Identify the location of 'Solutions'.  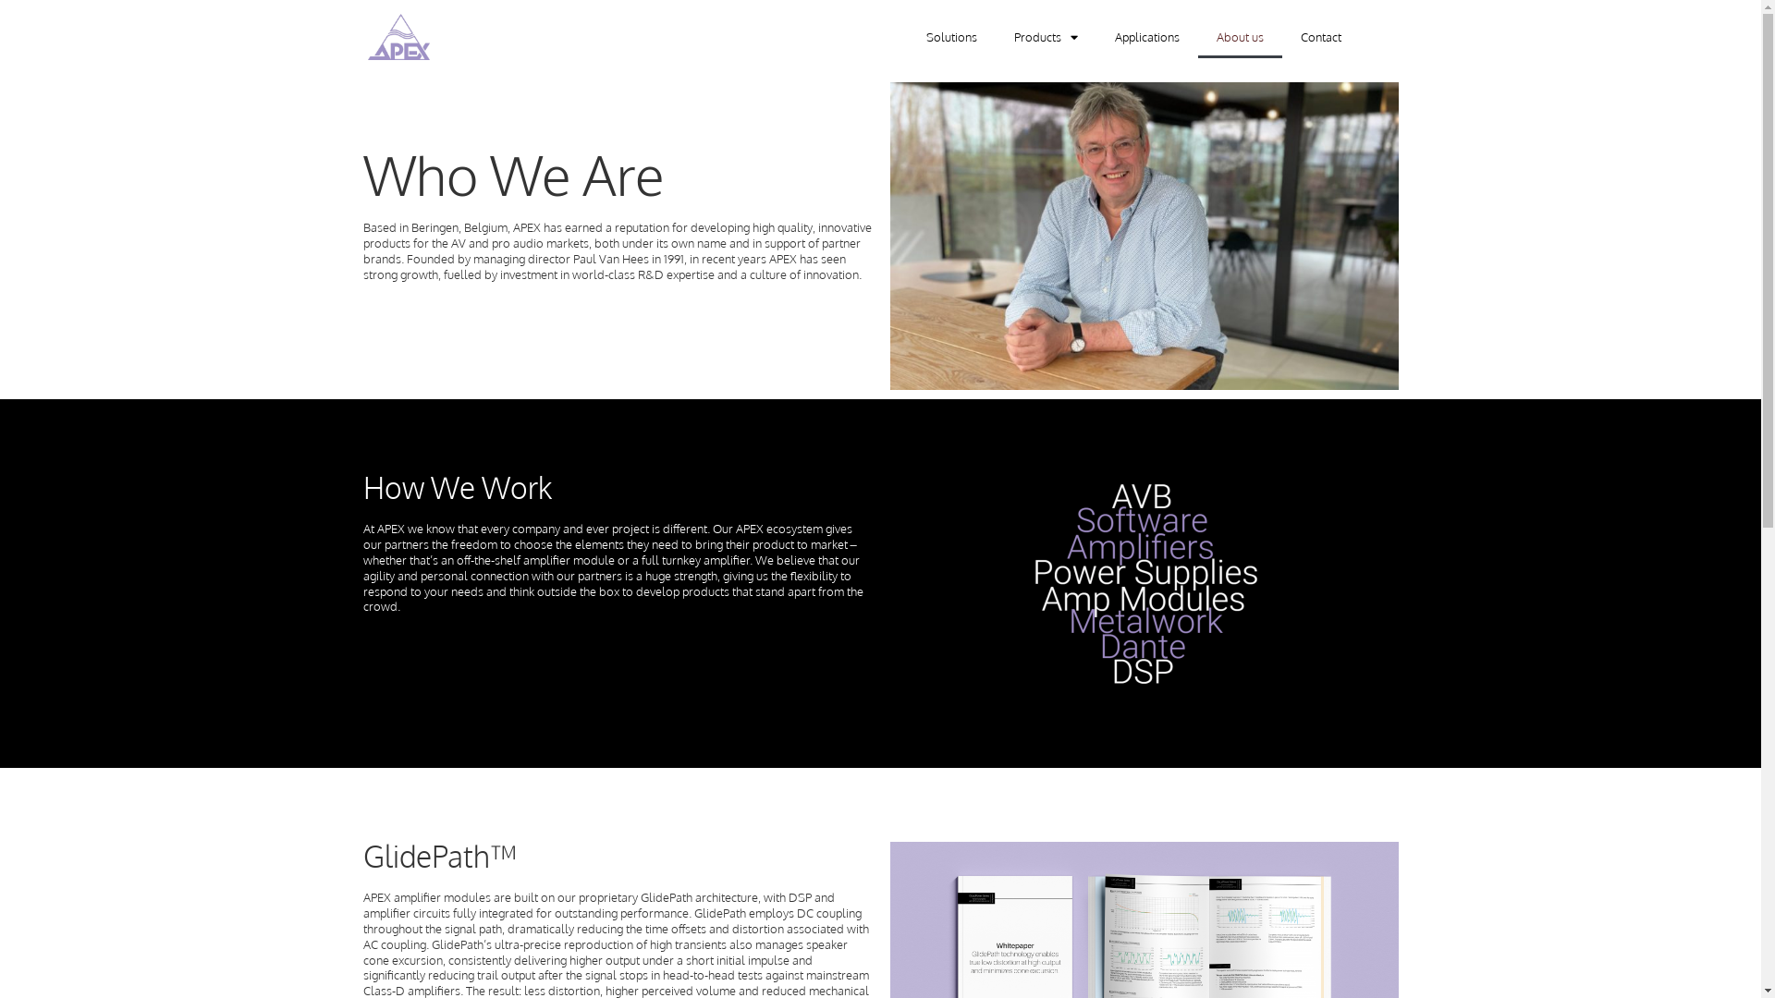
(951, 36).